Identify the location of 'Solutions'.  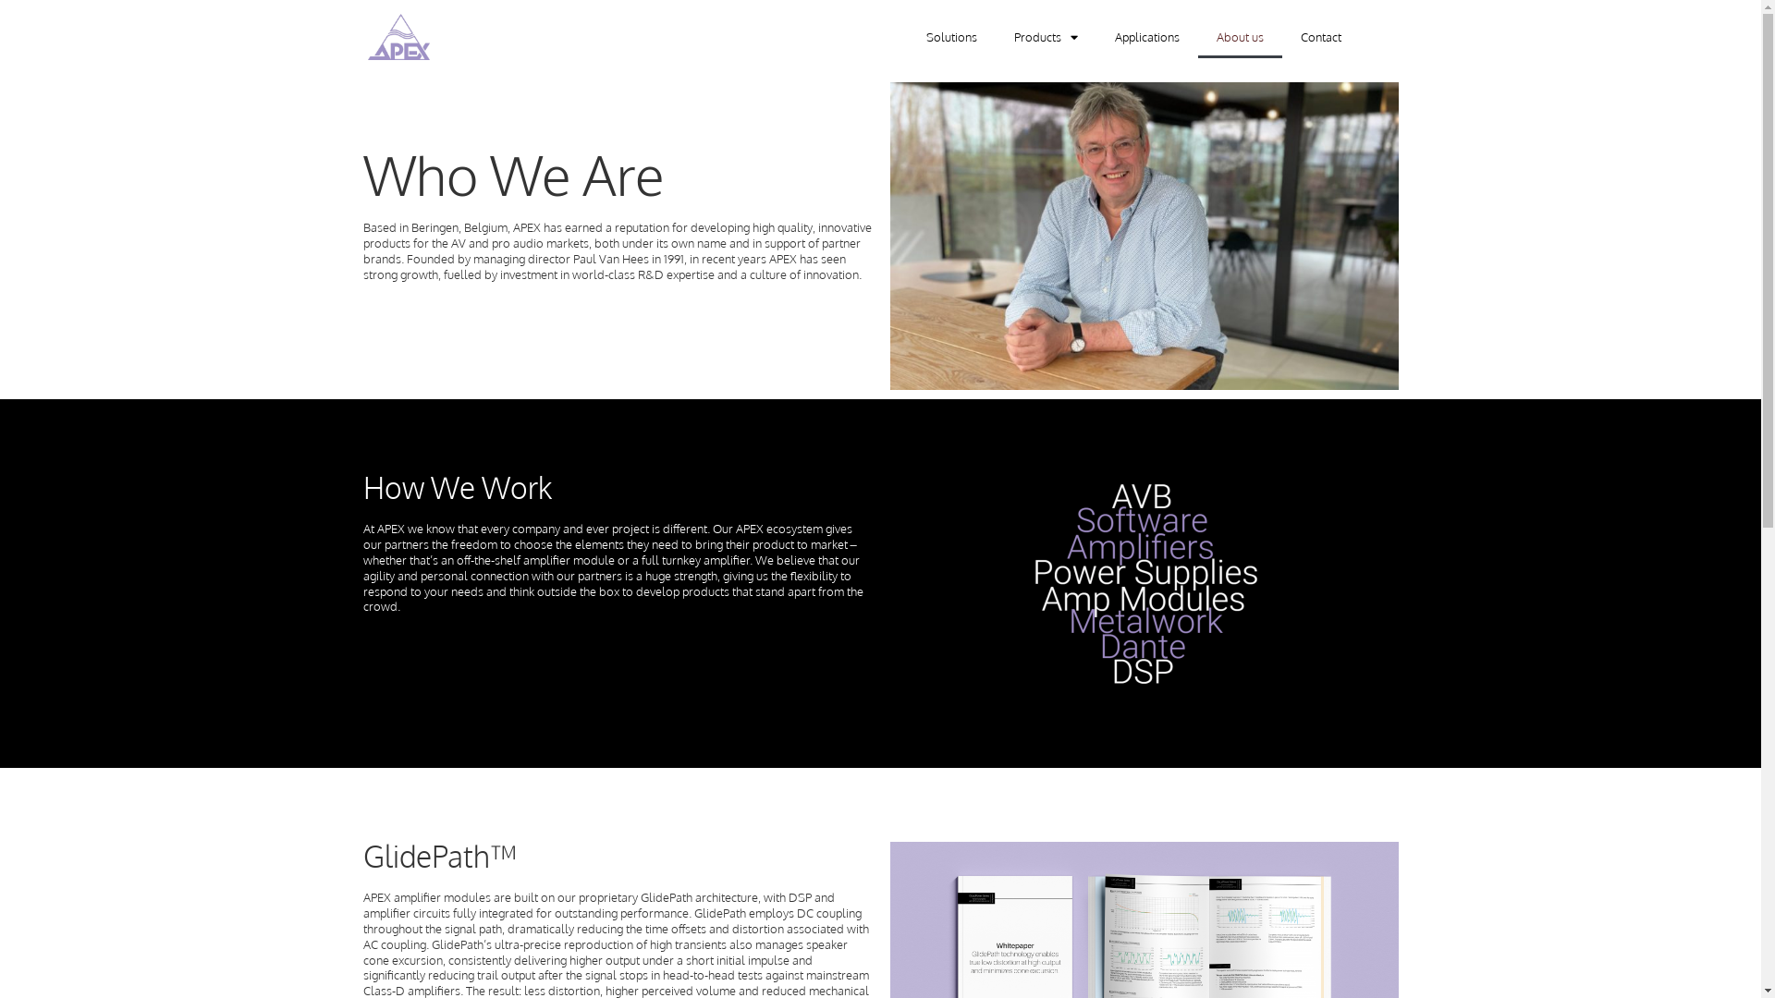
(951, 36).